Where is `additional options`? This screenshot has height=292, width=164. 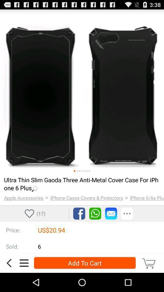
additional options is located at coordinates (127, 214).